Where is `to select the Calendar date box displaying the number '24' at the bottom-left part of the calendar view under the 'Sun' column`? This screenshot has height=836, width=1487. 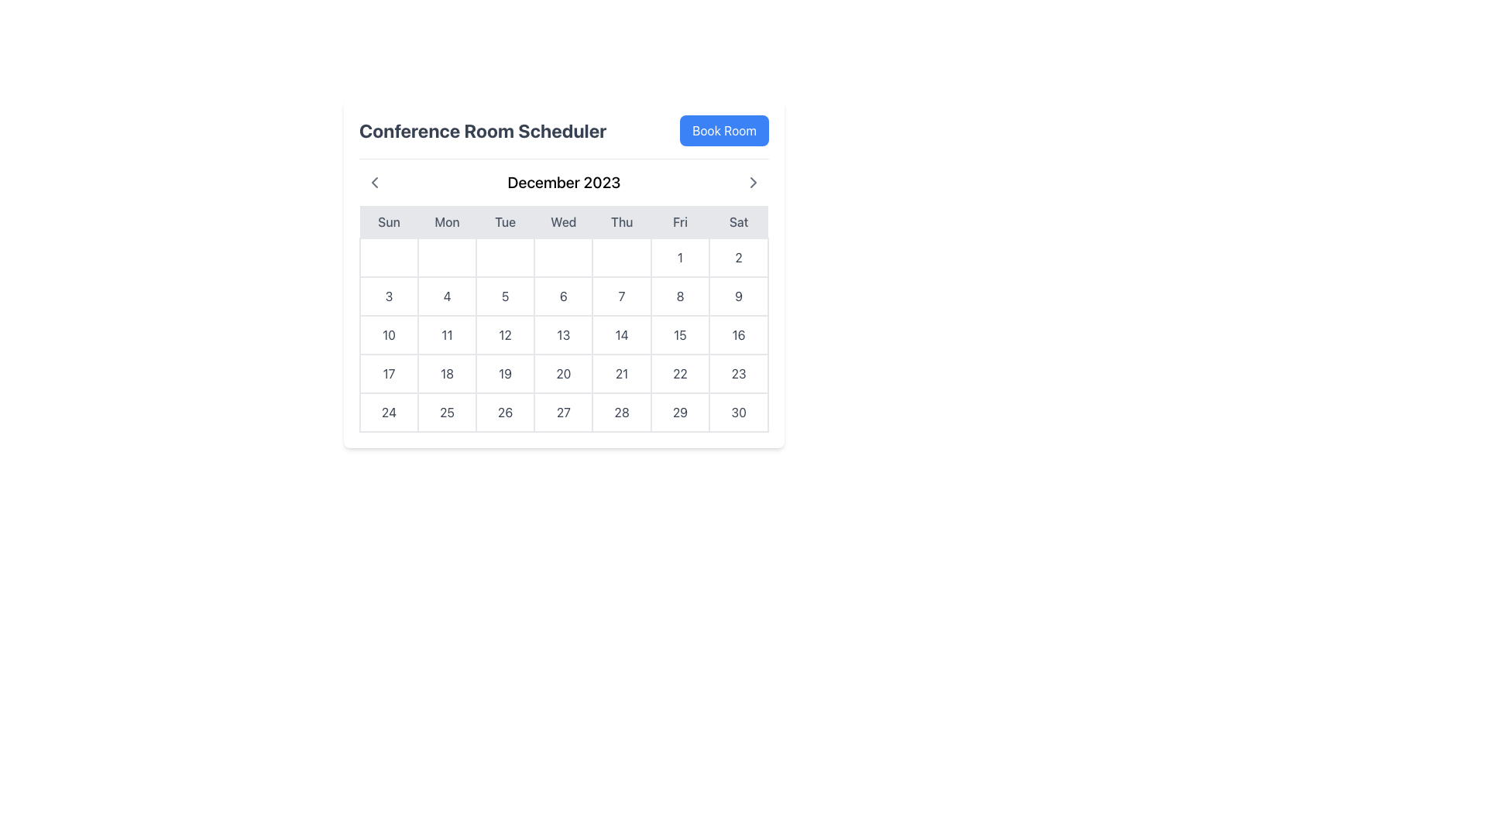 to select the Calendar date box displaying the number '24' at the bottom-left part of the calendar view under the 'Sun' column is located at coordinates (389, 411).